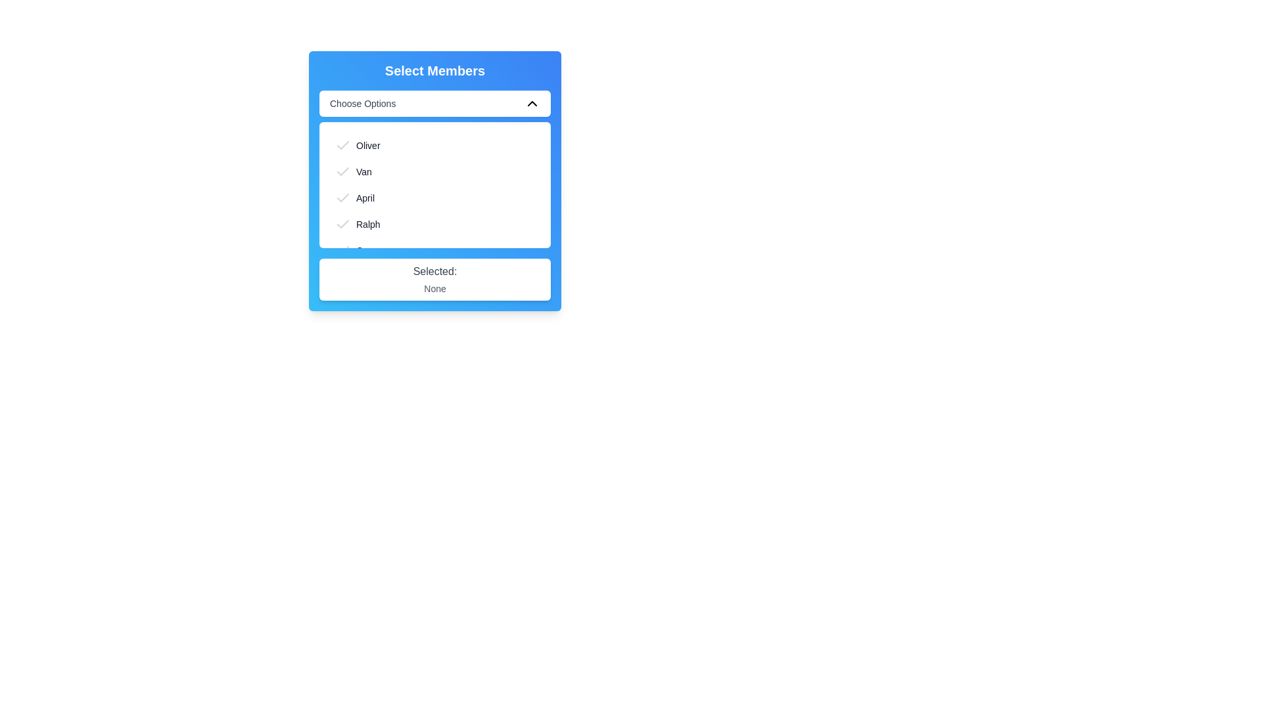 This screenshot has height=709, width=1262. Describe the element at coordinates (368, 146) in the screenshot. I see `the text label representing the selectable option 'Oliver' in the dropdown menu, which is located at the top of the list adjacent to a checkmark icon` at that location.